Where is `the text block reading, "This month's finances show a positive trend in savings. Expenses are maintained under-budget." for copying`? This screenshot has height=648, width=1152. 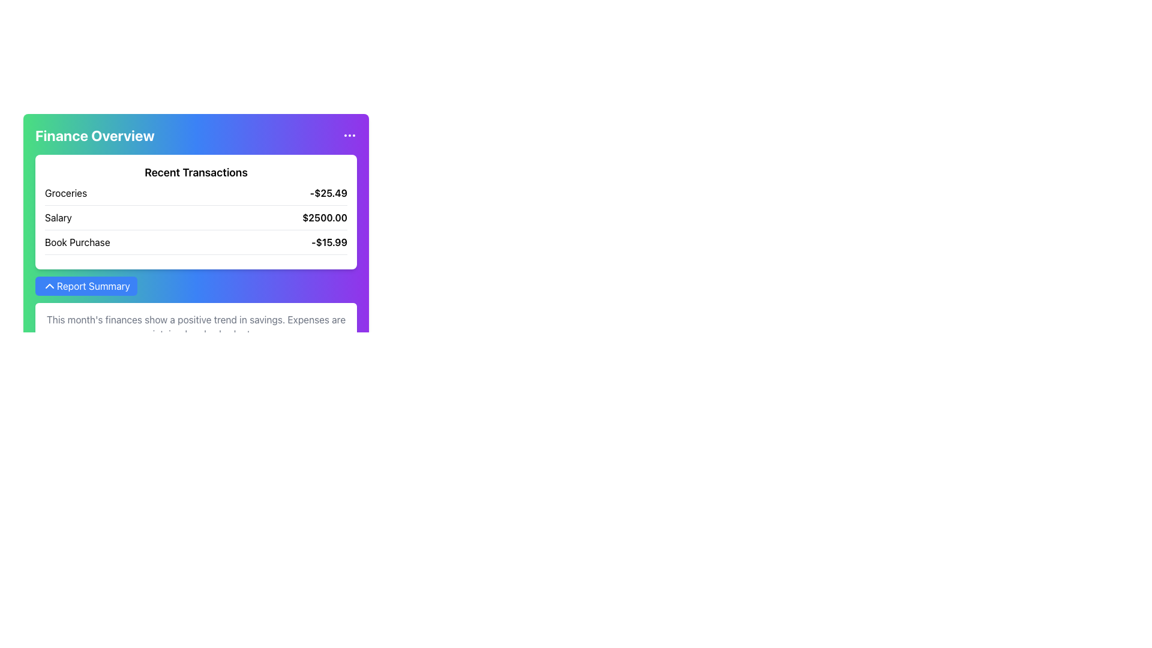
the text block reading, "This month's finances show a positive trend in savings. Expenses are maintained under-budget." for copying is located at coordinates (196, 326).